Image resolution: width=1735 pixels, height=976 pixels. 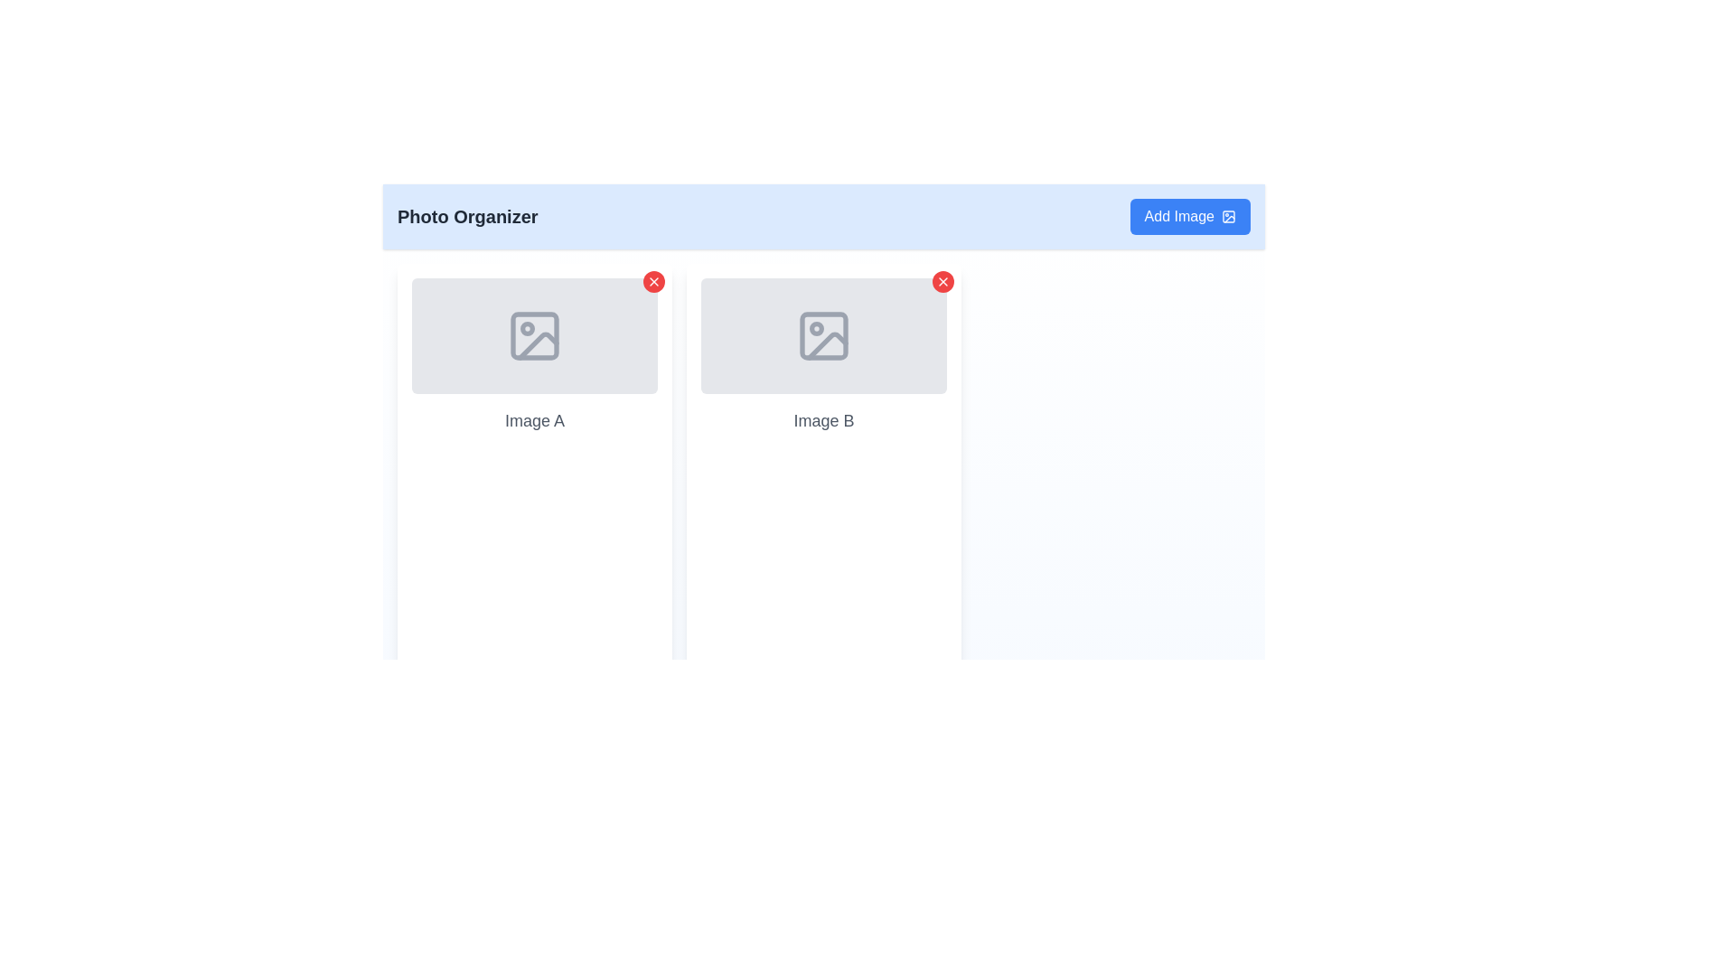 I want to click on the image placeholder icon with rounded corners and a gray color scheme located in the second card labeled 'Image B', so click(x=823, y=335).